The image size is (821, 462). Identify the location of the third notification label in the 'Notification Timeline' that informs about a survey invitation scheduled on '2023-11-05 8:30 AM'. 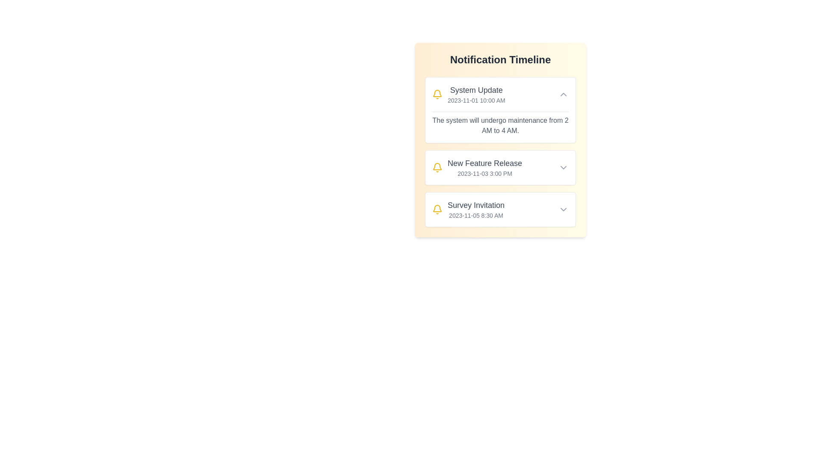
(475, 209).